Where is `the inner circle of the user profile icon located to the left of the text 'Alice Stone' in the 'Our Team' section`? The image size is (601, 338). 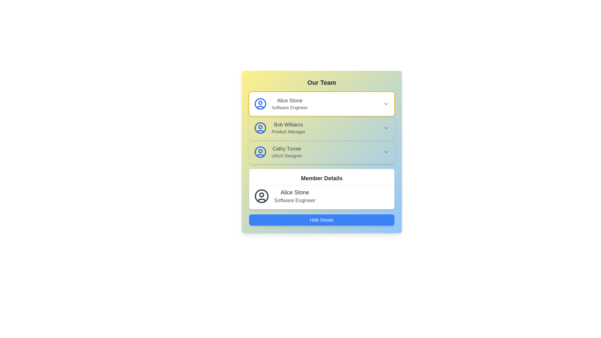
the inner circle of the user profile icon located to the left of the text 'Alice Stone' in the 'Our Team' section is located at coordinates (260, 127).